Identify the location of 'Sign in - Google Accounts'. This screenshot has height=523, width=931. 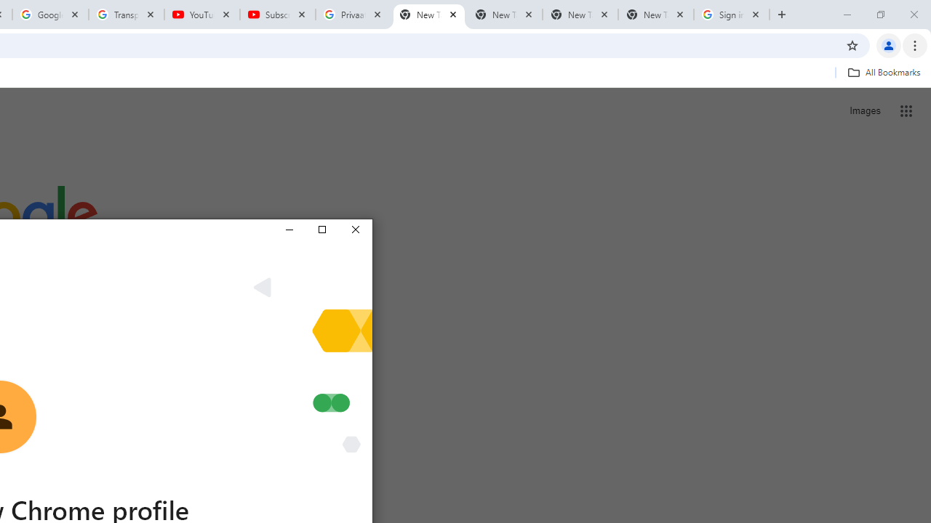
(732, 15).